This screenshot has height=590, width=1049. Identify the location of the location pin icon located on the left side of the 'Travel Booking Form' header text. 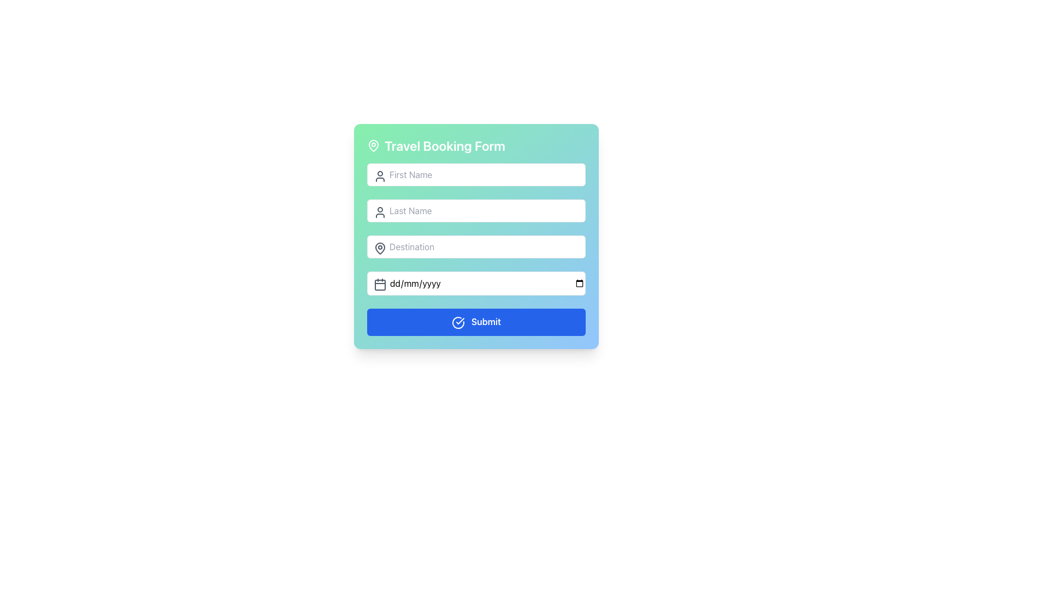
(374, 145).